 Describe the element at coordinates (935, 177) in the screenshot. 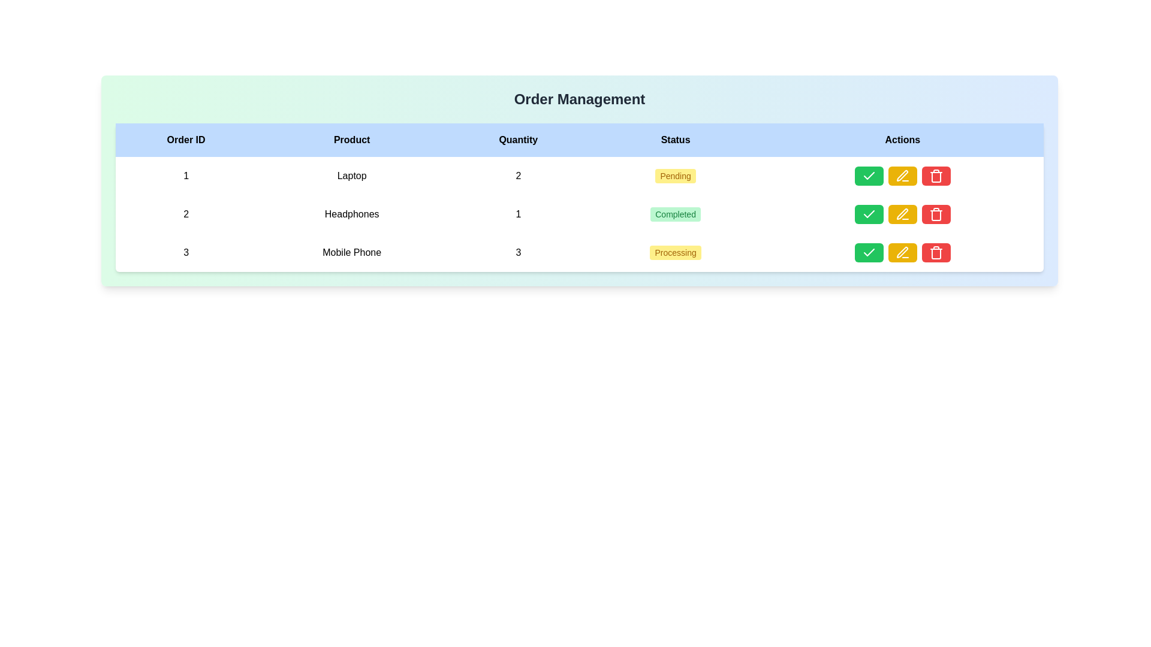

I see `the red trash bin icon, which is the third icon in the 'Actions' column of the third row` at that location.